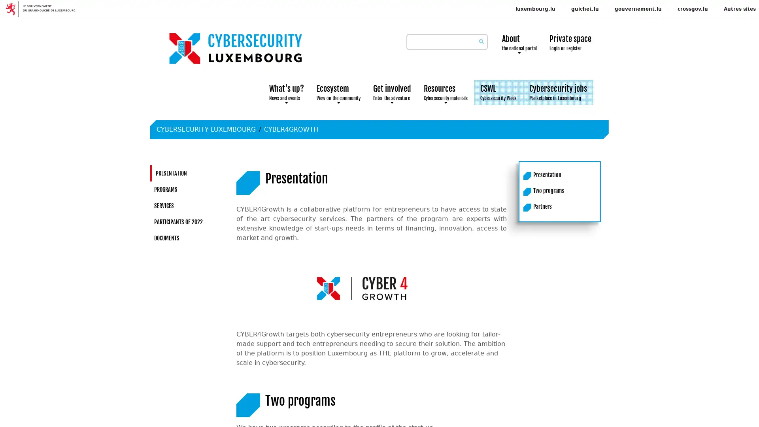 This screenshot has height=427, width=759. I want to click on CSWL Cybersecurity Week, so click(498, 92).